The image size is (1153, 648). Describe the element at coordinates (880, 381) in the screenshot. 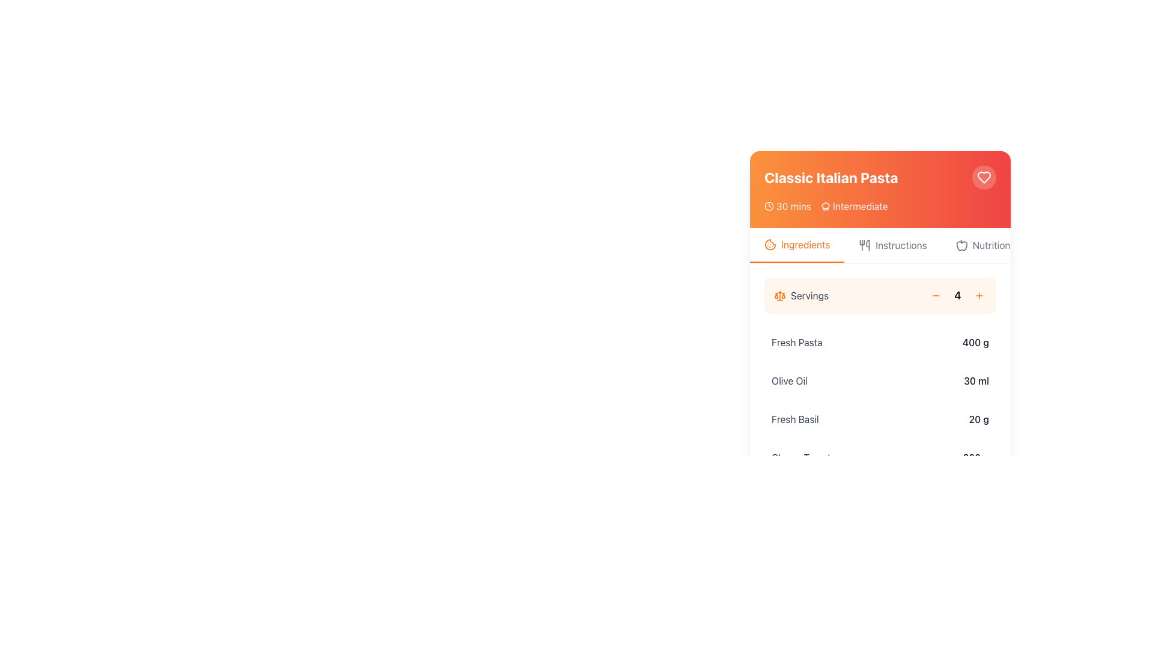

I see `the informational row displaying 'Olive Oil' with quantity '30 ml', which is the second item in the ingredient list under 'Classic Italian Pasta'` at that location.